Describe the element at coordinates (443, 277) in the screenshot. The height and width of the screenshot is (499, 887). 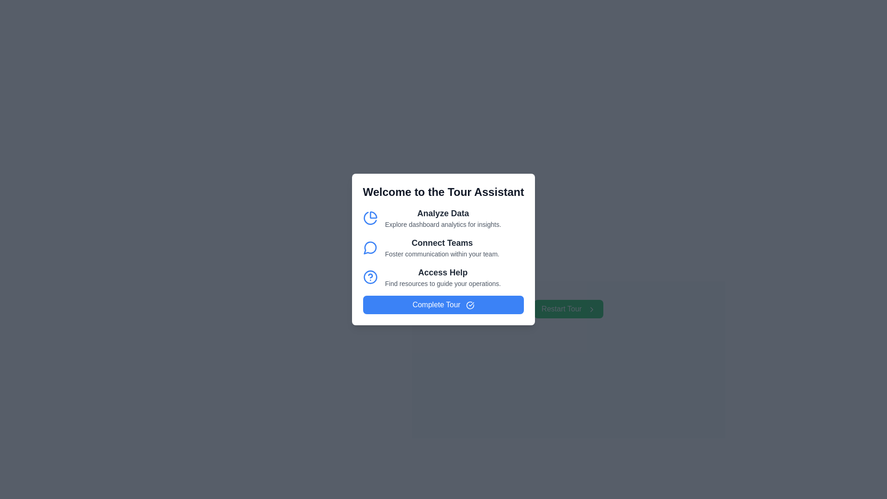
I see `the help-related resources text with a decorative icon located in the white box, under the 'Connect Teams' section and above the 'Complete Tour' button` at that location.